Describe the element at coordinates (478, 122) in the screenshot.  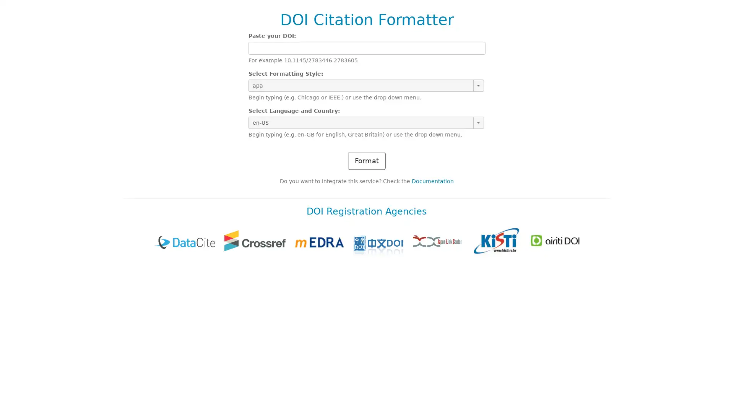
I see `Show All Items` at that location.